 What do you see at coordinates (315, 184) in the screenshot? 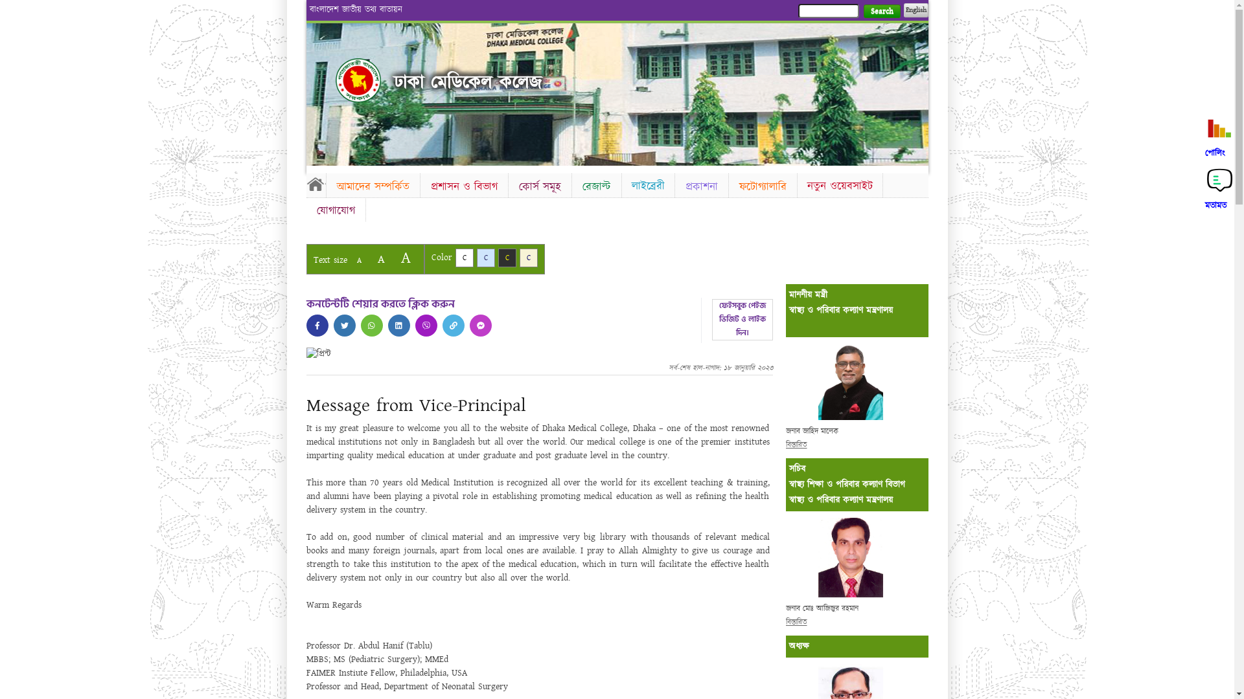
I see `'Home'` at bounding box center [315, 184].